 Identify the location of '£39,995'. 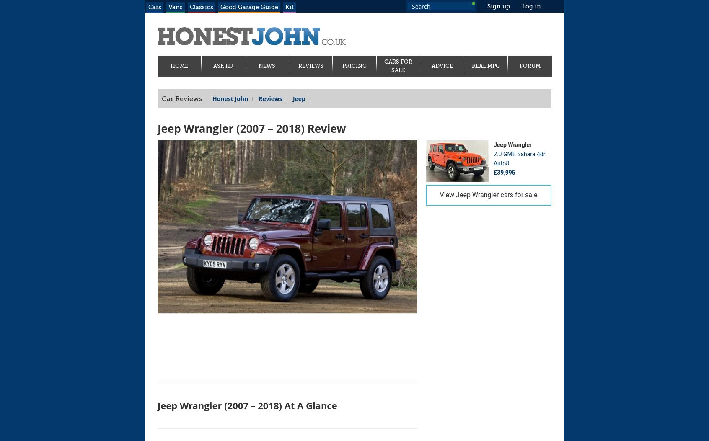
(504, 173).